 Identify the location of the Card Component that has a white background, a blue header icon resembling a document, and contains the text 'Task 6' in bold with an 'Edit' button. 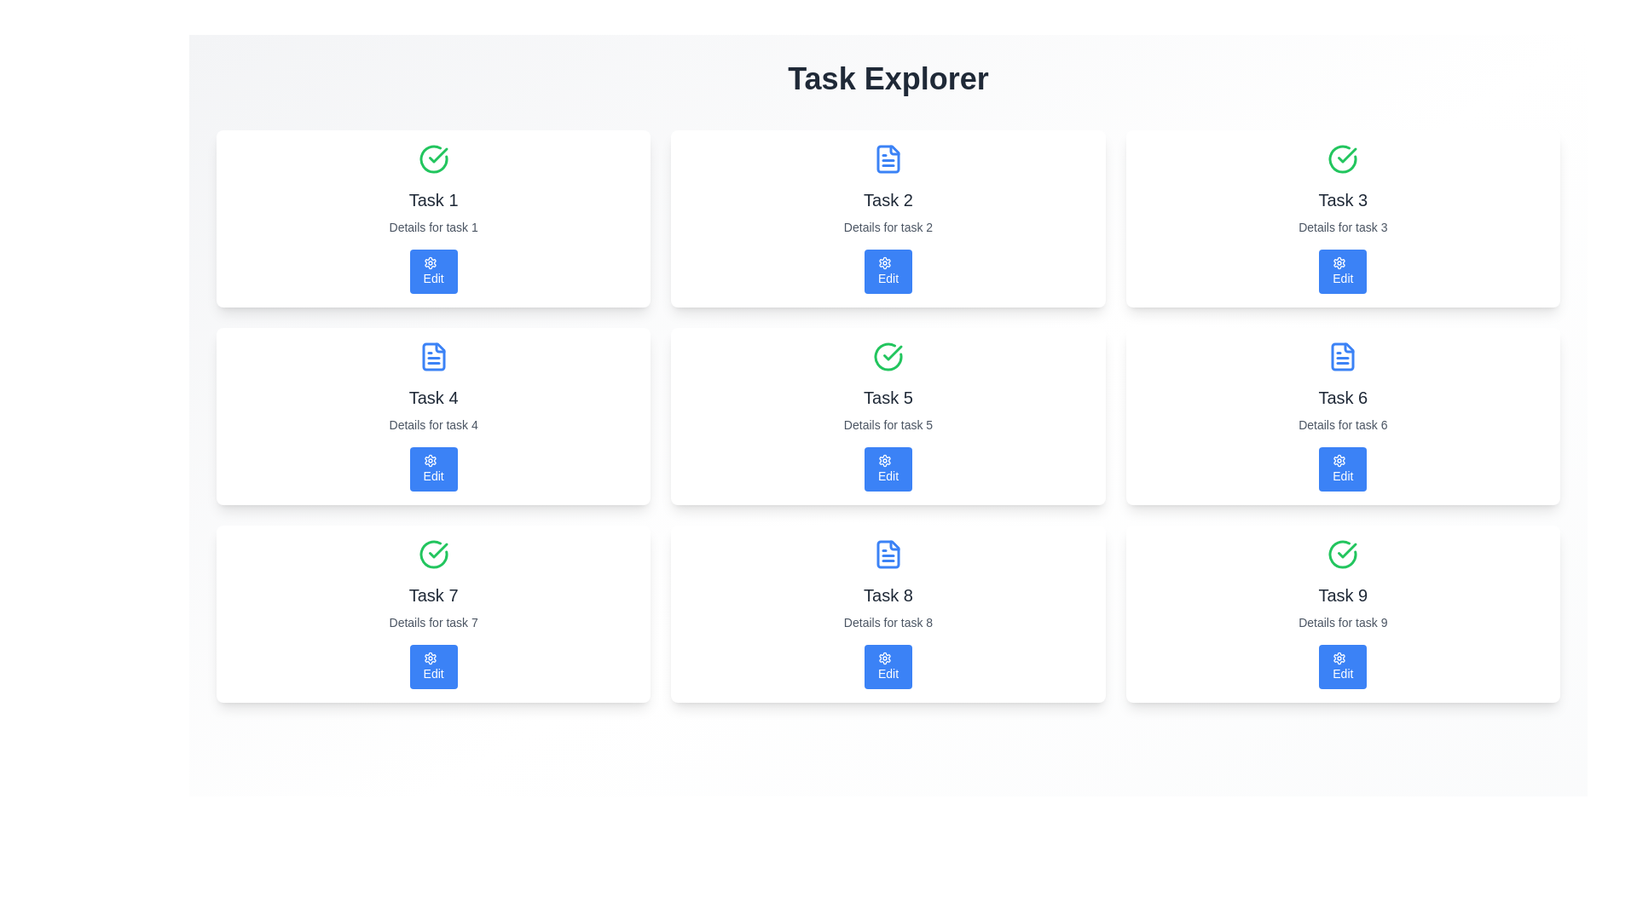
(1342, 417).